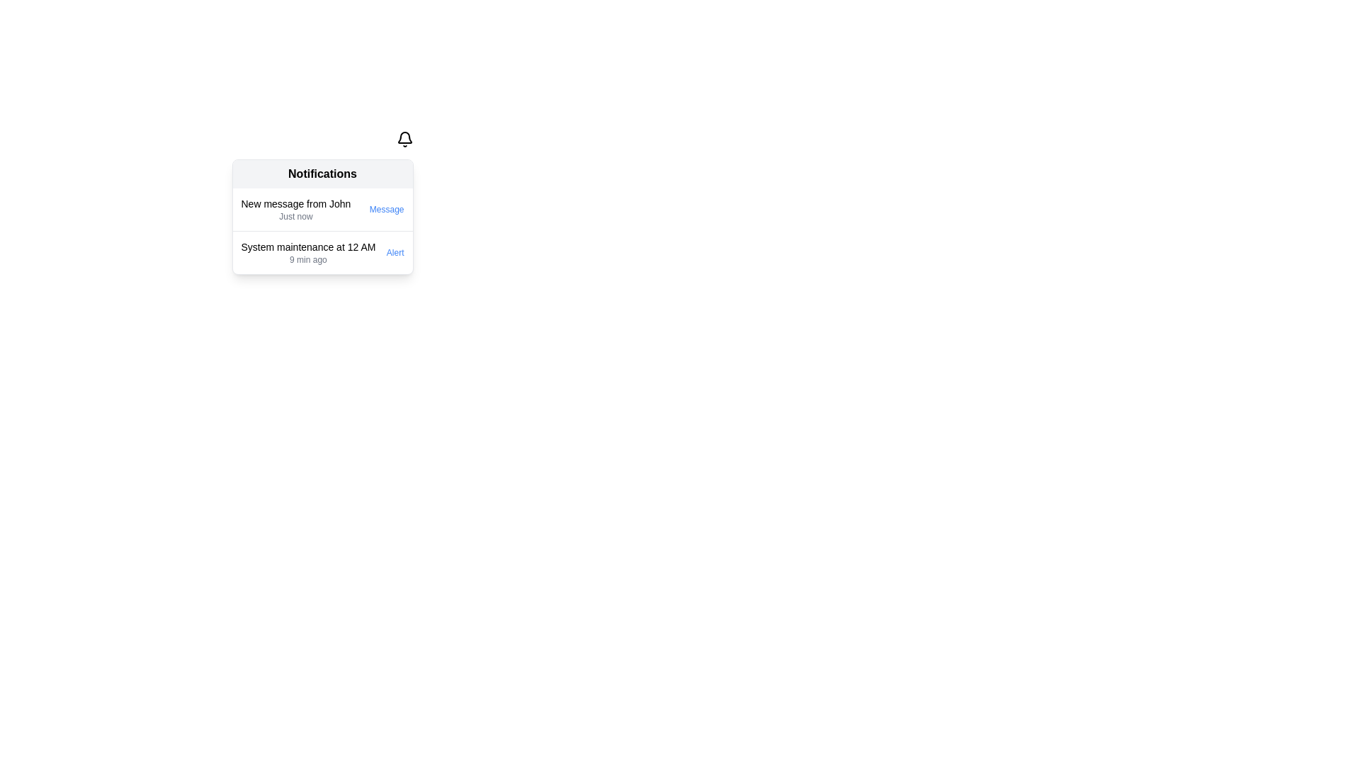 This screenshot has width=1360, height=765. I want to click on the notifications dropdown header which serves as a title for recent interactions and alerts, so click(322, 174).